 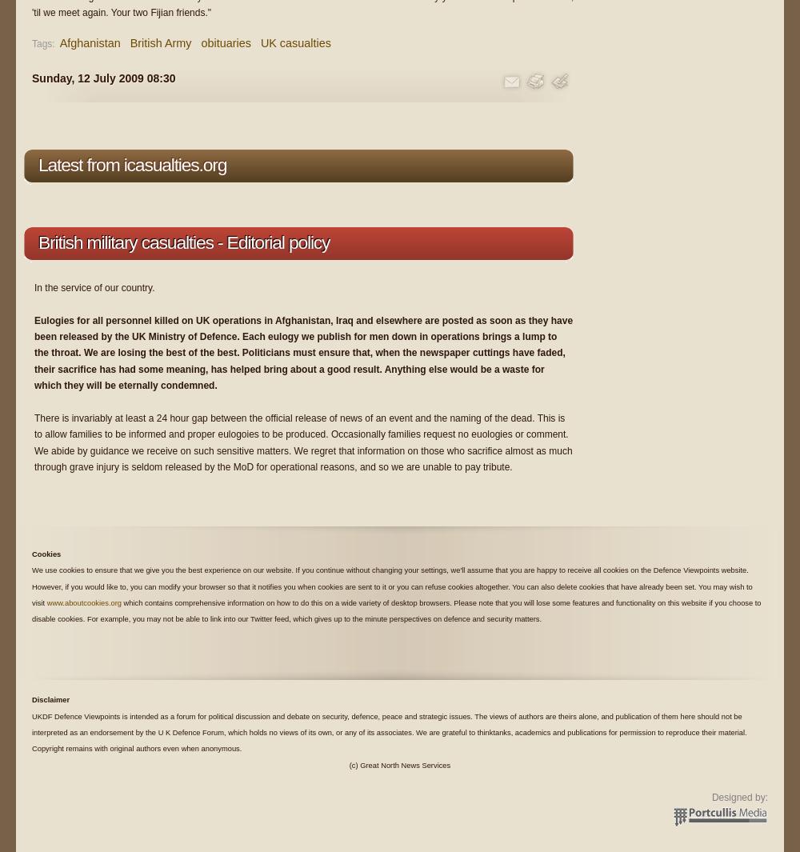 What do you see at coordinates (349, 765) in the screenshot?
I see `'(c) Great North News Services'` at bounding box center [349, 765].